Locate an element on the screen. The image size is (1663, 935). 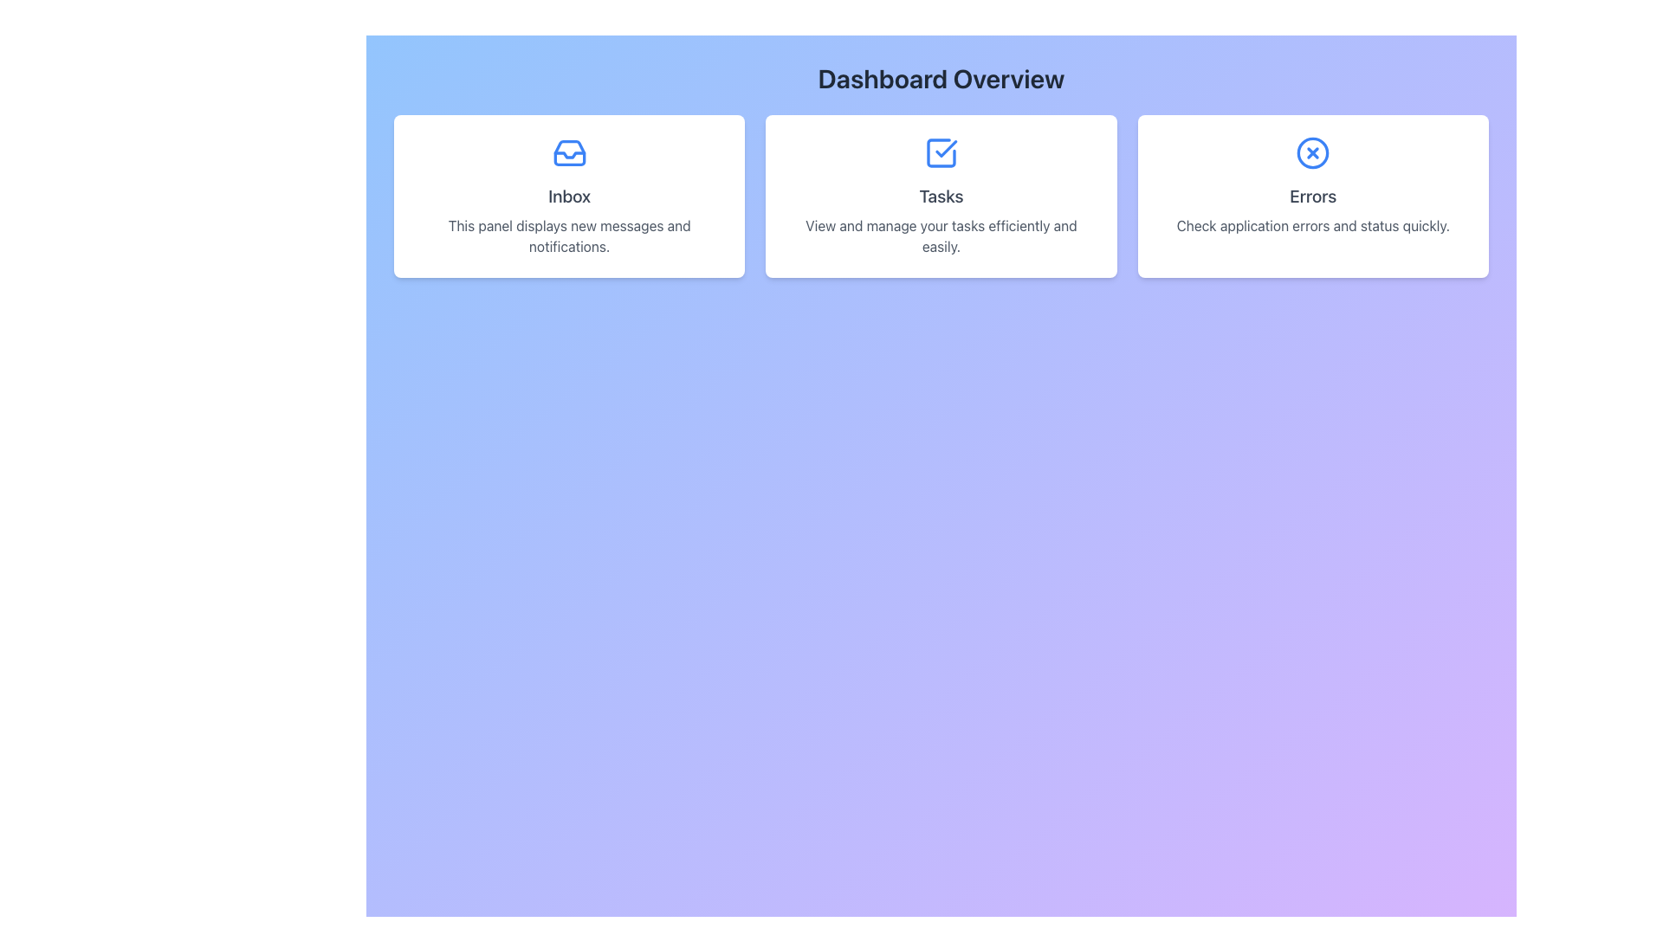
the header Text Label that provides a title or summarizing description for the section, located at the top of the interface near the center is located at coordinates (940, 79).